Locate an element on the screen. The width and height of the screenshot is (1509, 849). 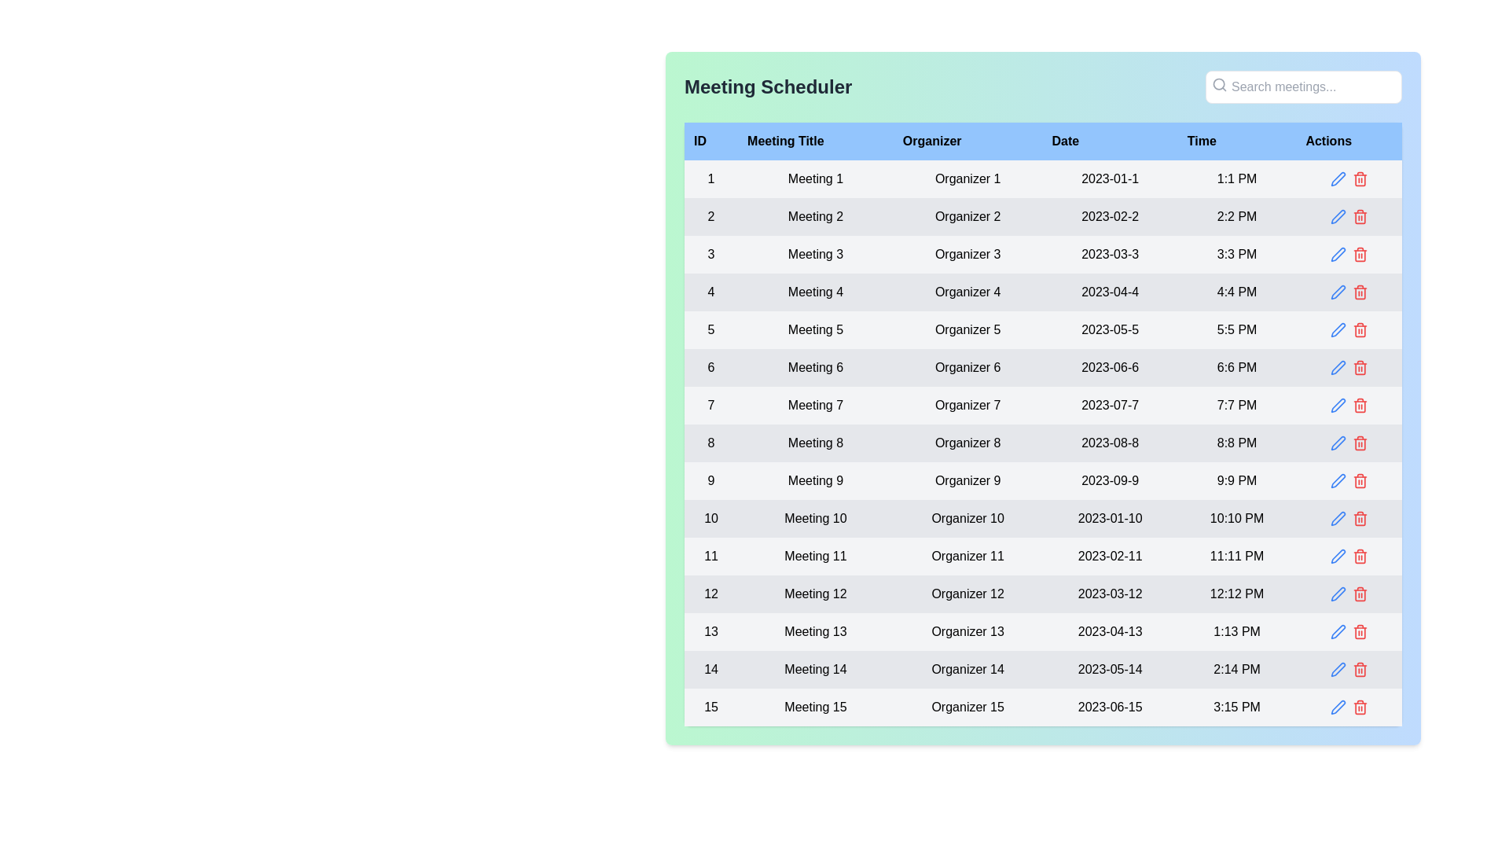
the Text label displaying '15' located in the ID column of the 15th row in the table is located at coordinates (710, 706).